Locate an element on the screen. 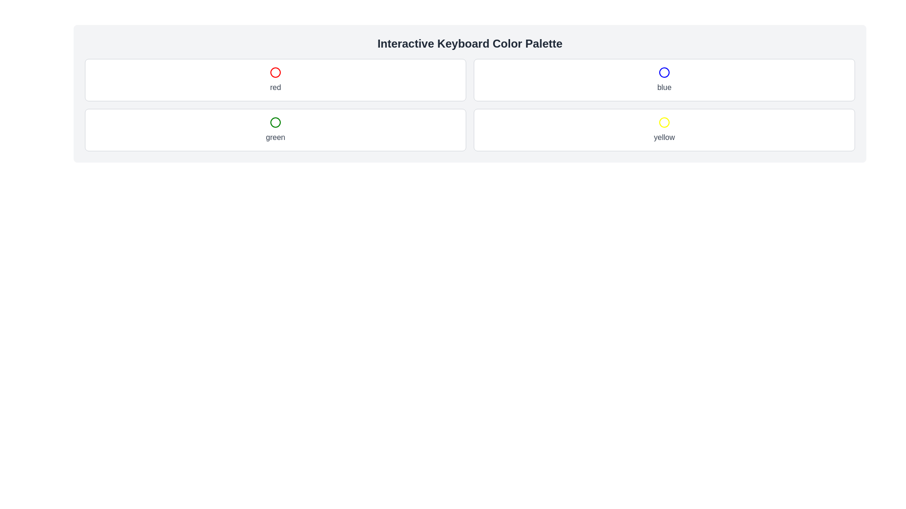 Image resolution: width=906 pixels, height=509 pixels. the circular graphical indicator located in the top-right quadrant, which has a visible outline and is aligned with the label 'blue' below it is located at coordinates (663, 72).